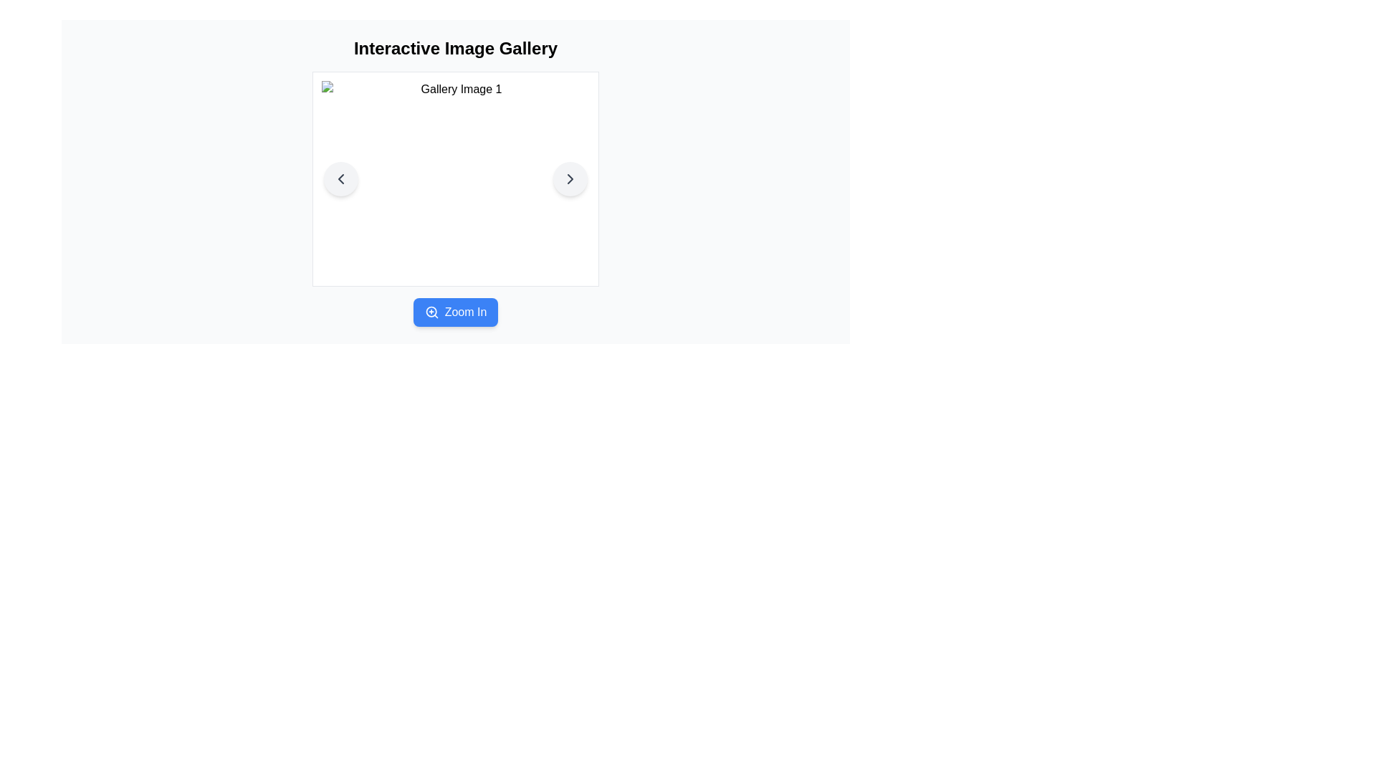  Describe the element at coordinates (340, 178) in the screenshot. I see `the navigation button for the image gallery located on the left side of the interactive image viewer to observe the hover effect` at that location.